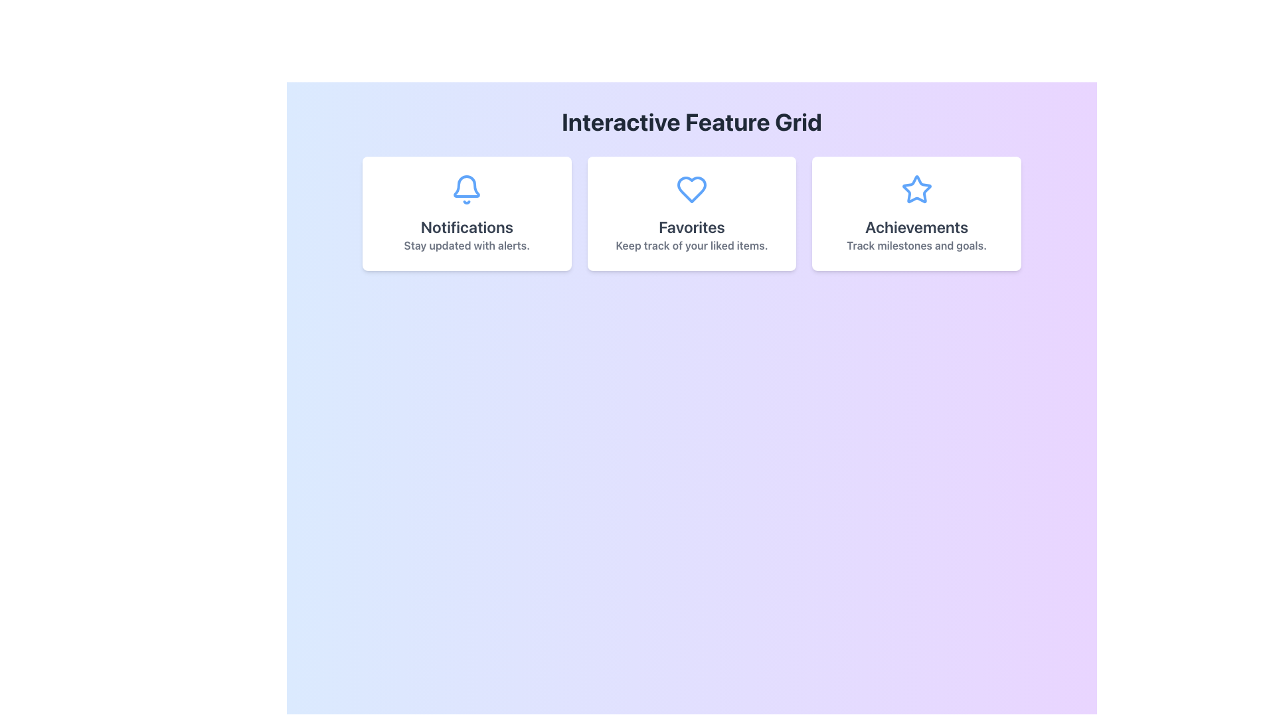 The image size is (1275, 717). Describe the element at coordinates (691, 226) in the screenshot. I see `the 'Favorites' text label, which serves as a title for the corresponding section in the interactive feature grid, located between the 'Notifications' and 'Achievements' cards` at that location.